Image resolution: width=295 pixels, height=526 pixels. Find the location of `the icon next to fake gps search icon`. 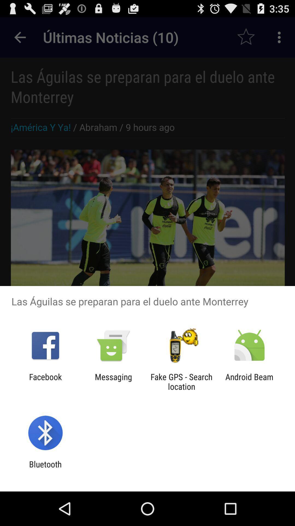

the icon next to fake gps search icon is located at coordinates (249, 381).